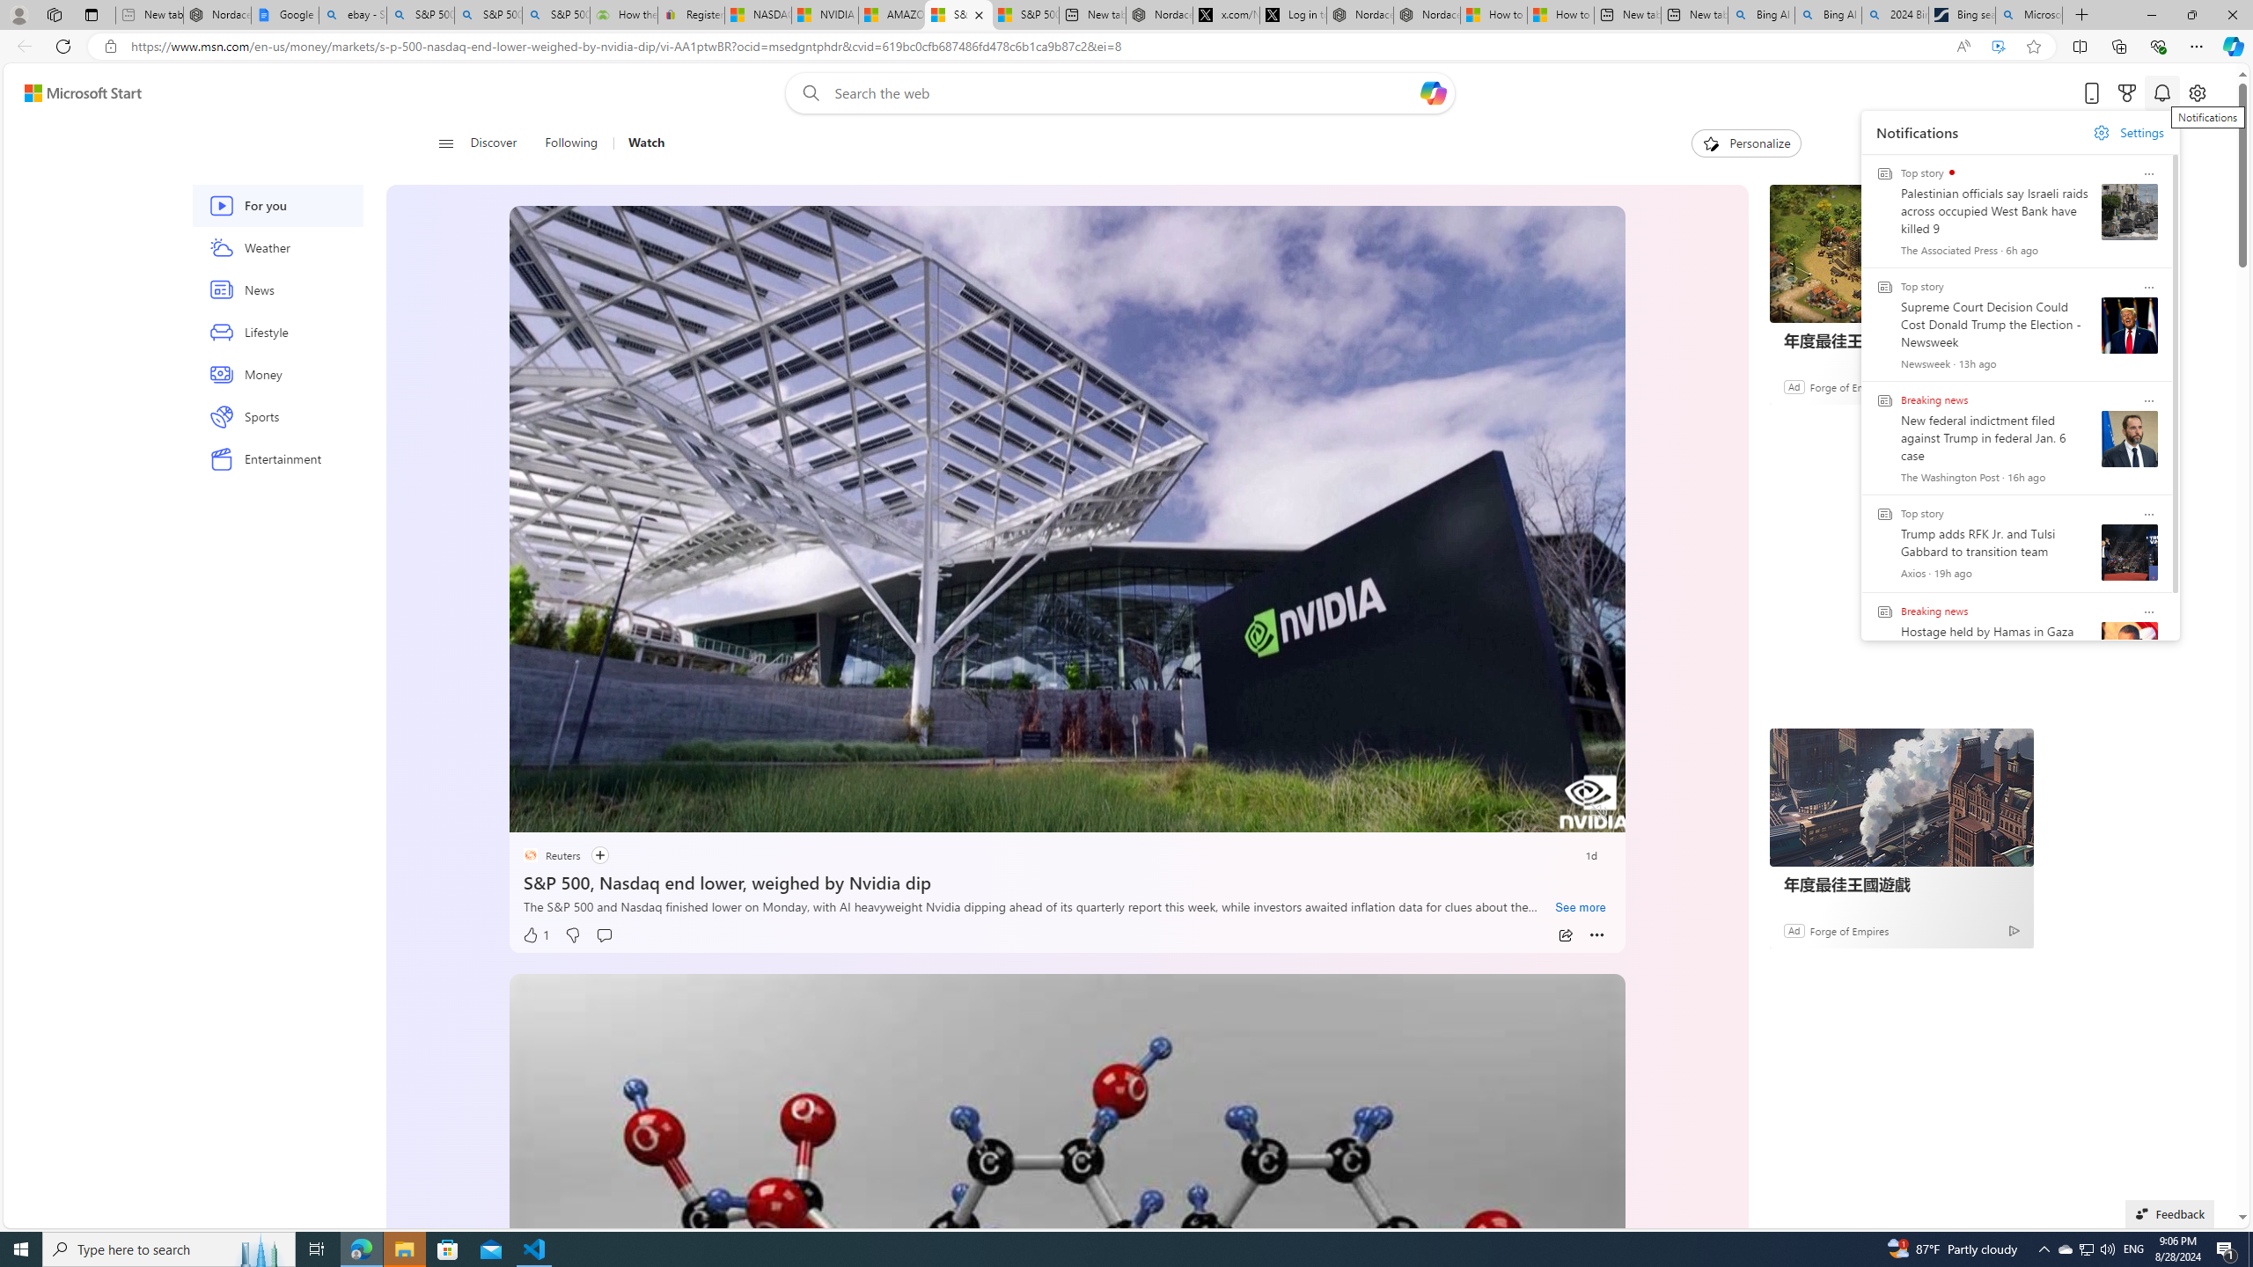 The width and height of the screenshot is (2253, 1267). What do you see at coordinates (534, 934) in the screenshot?
I see `'1 Like'` at bounding box center [534, 934].